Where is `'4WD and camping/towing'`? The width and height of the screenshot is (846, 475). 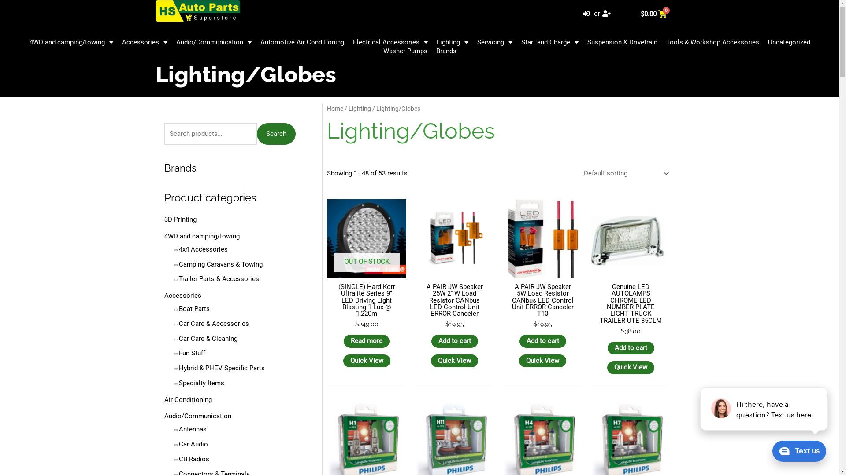
'4WD and camping/towing' is located at coordinates (71, 42).